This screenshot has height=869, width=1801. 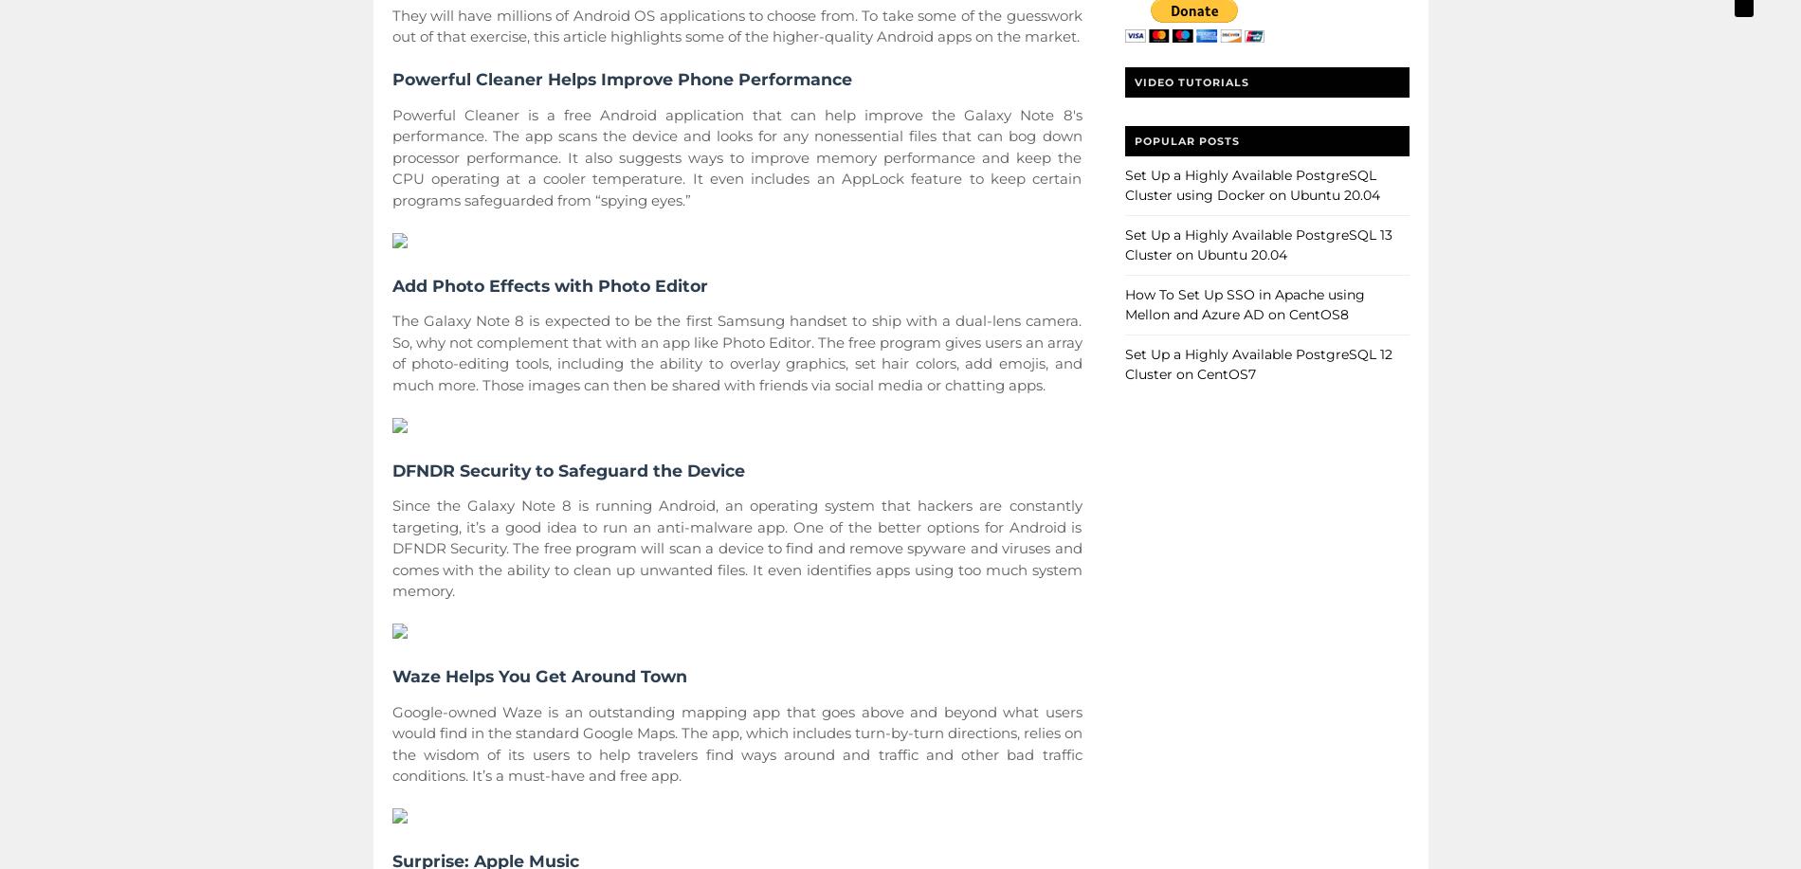 I want to click on 'Set Up a Highly Available PostgreSQL 12 Cluster on CentOS7', so click(x=1123, y=363).